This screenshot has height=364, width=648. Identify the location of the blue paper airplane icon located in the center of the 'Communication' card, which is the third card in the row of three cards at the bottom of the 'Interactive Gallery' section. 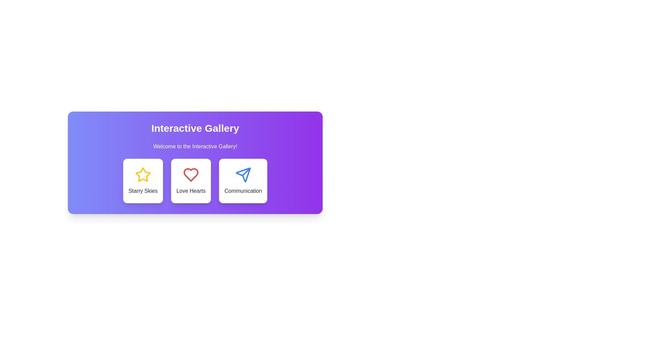
(243, 175).